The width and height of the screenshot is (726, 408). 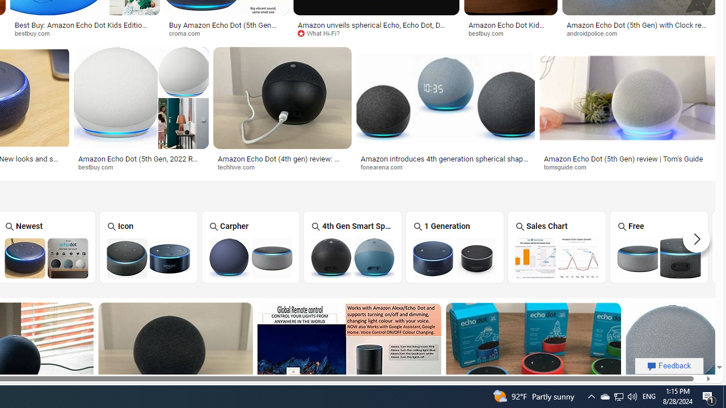 What do you see at coordinates (556, 246) in the screenshot?
I see `'Amazon Echo Dot Sales Chart Sales Chart'` at bounding box center [556, 246].